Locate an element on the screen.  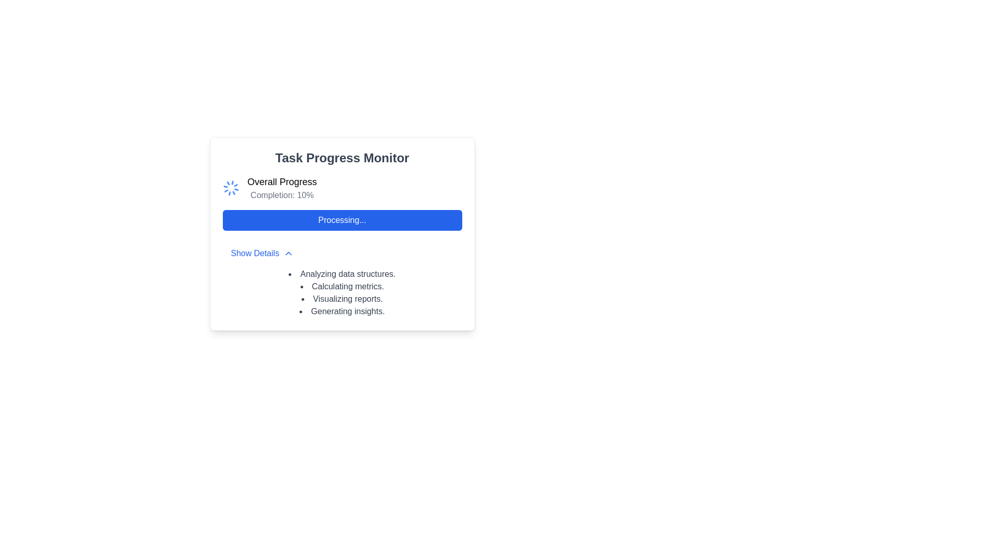
listed items in the 'Show Details' section of the Collapsible Content Section, which includes 'Analyzing data structures', 'Calculating metrics', 'Visualizing reports', and 'Generating insights' is located at coordinates (342, 280).